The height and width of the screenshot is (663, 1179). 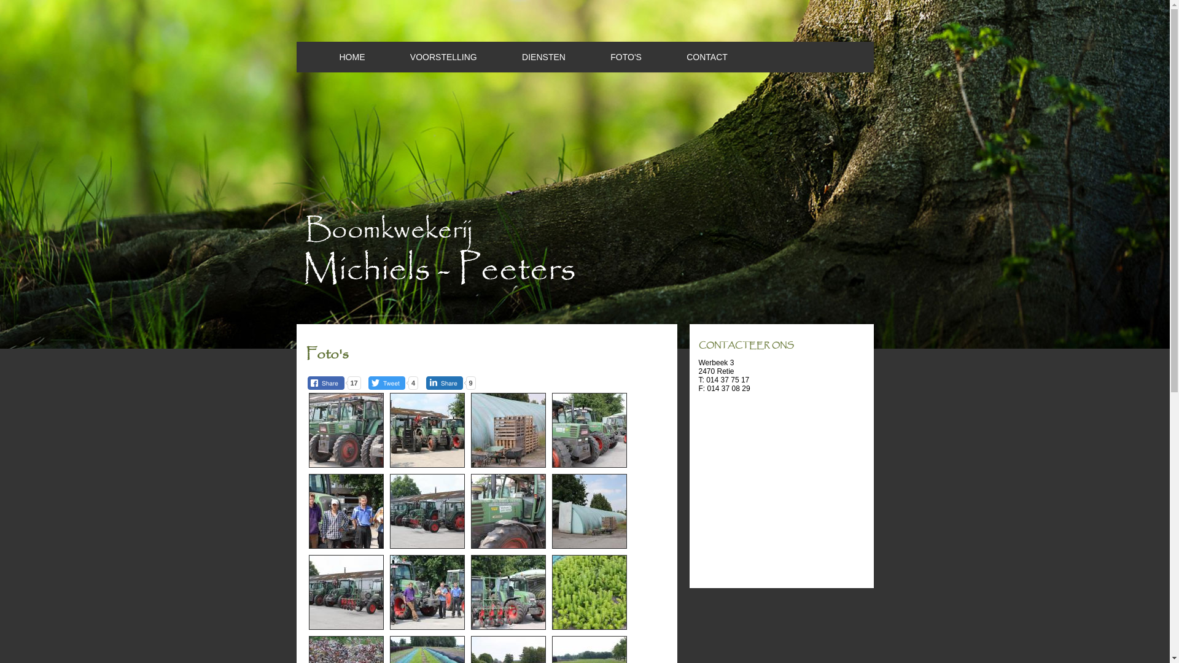 What do you see at coordinates (522, 56) in the screenshot?
I see `'DIENSTEN'` at bounding box center [522, 56].